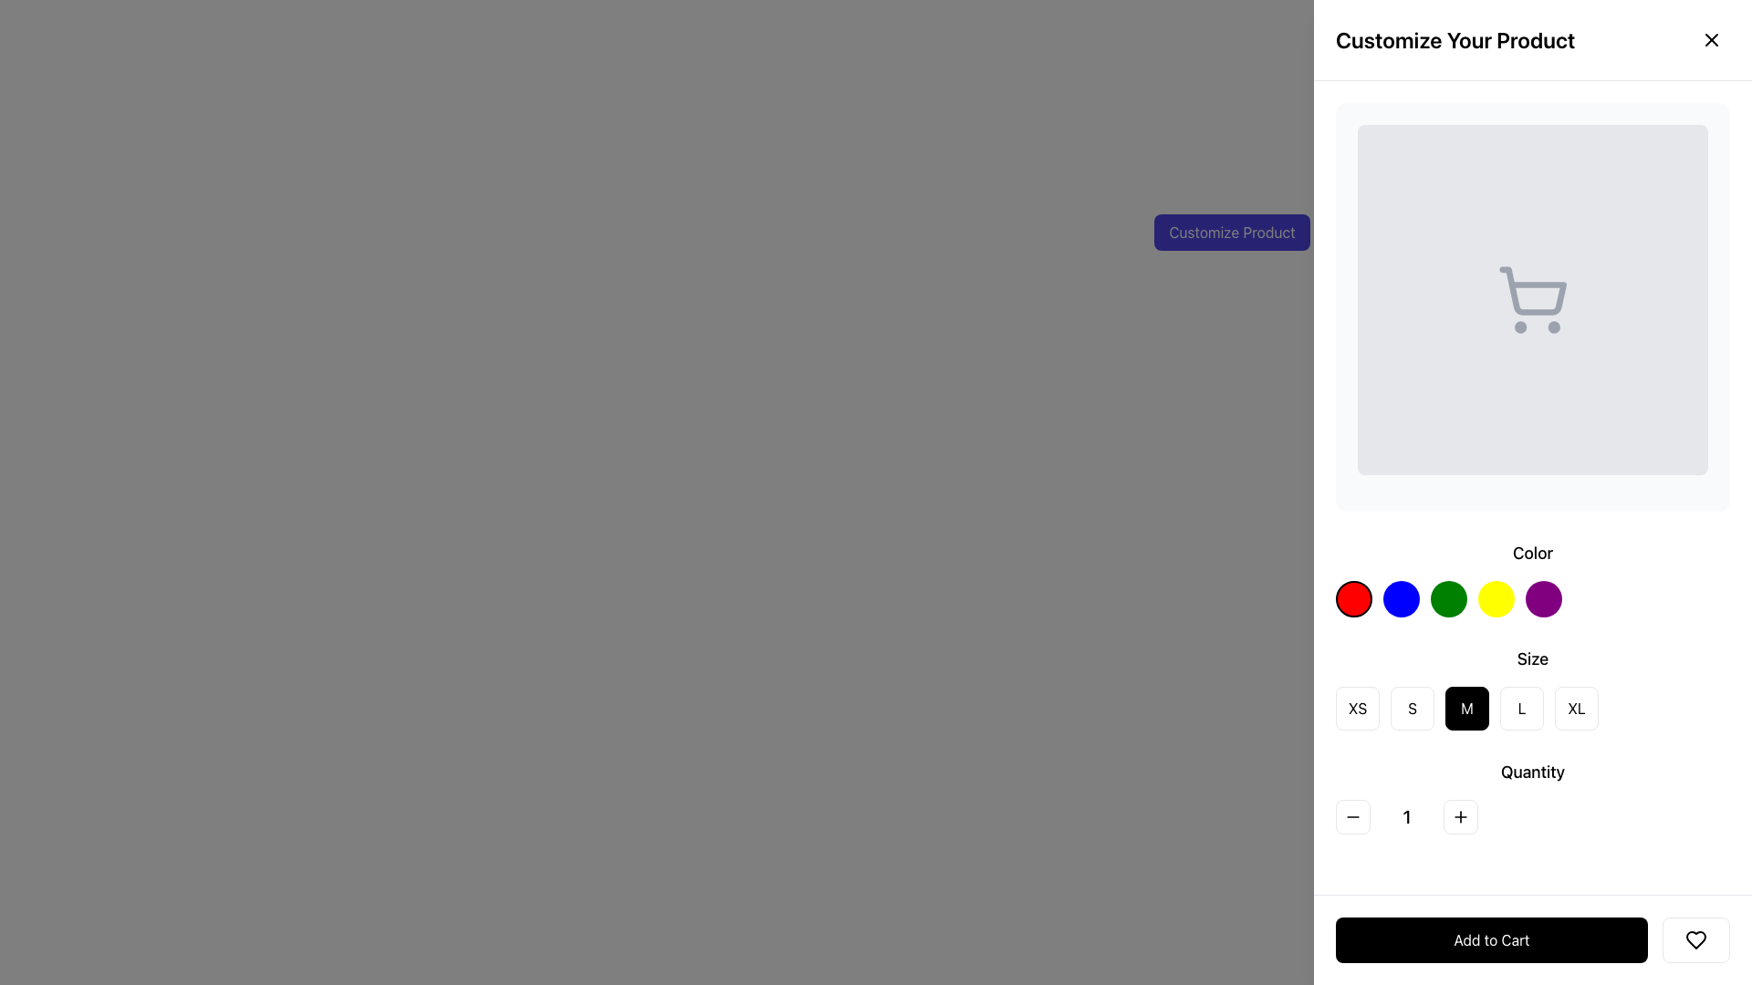 The width and height of the screenshot is (1752, 985). What do you see at coordinates (1232, 231) in the screenshot?
I see `the 'Customize Product' button, which is a rectangular button with rounded corners, indigo background, and white text, located at the center top of the interface` at bounding box center [1232, 231].